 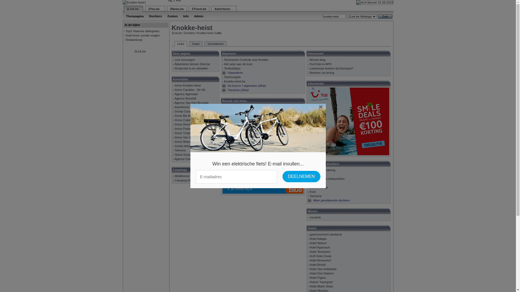 I want to click on 'Info', so click(x=186, y=16).